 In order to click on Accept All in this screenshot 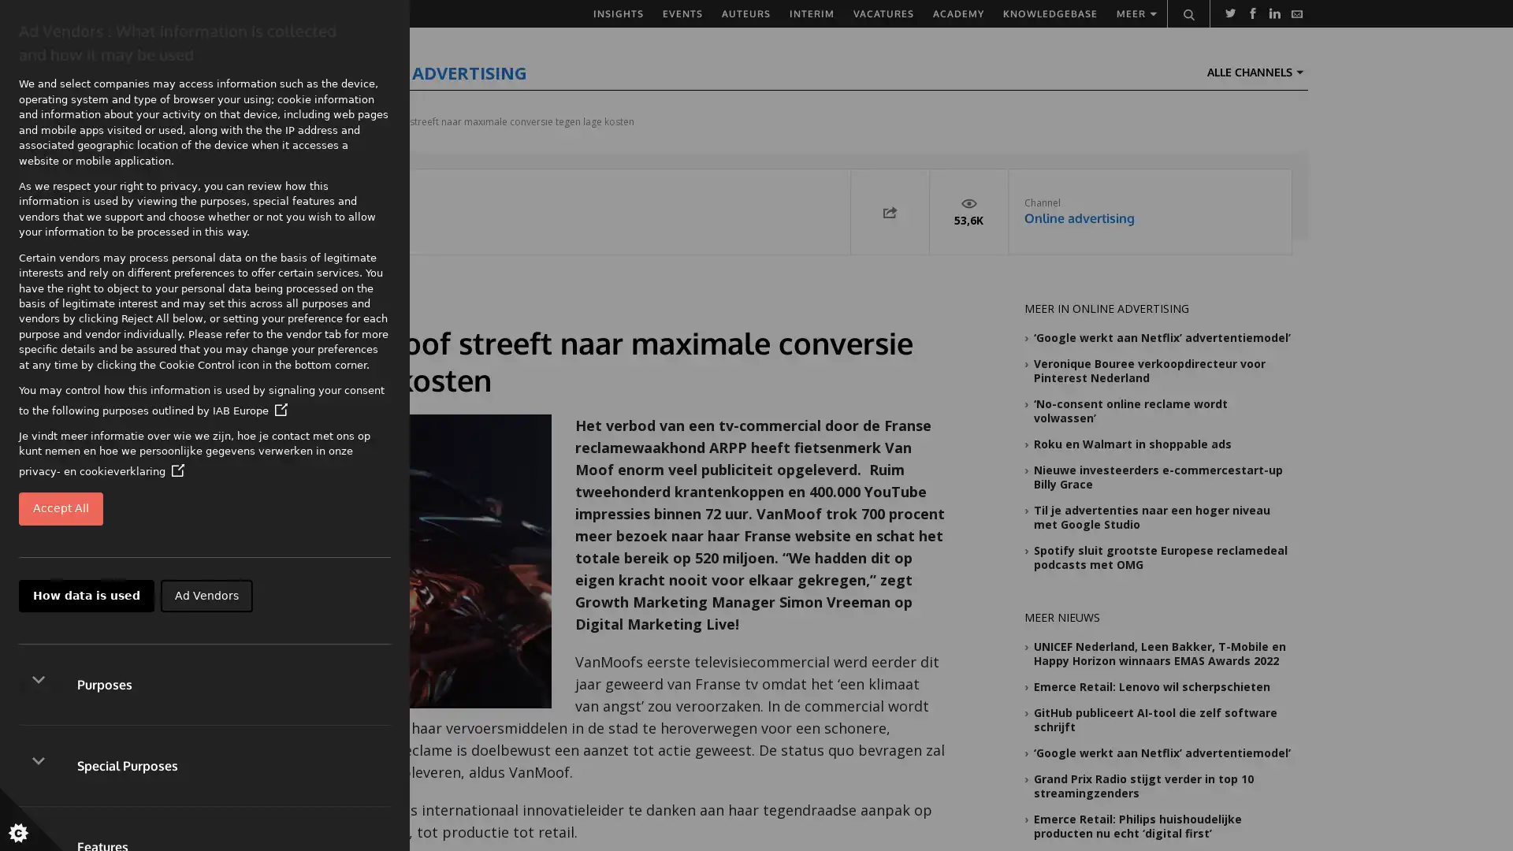, I will do `click(61, 508)`.